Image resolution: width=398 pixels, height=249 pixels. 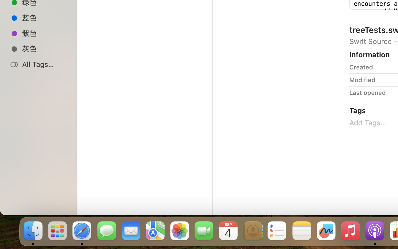 I want to click on 'Last opened', so click(x=367, y=92).